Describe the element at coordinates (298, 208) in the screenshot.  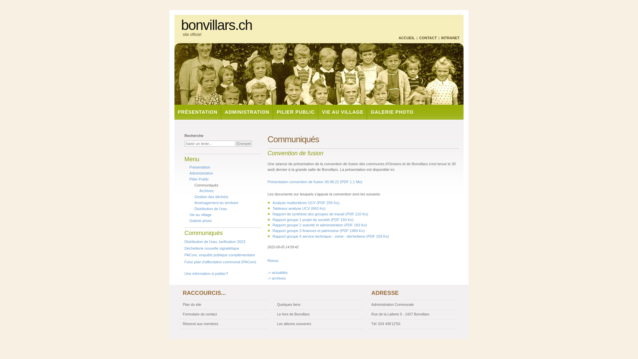
I see `'Tableaux analyse UCV (663 Ko)'` at that location.